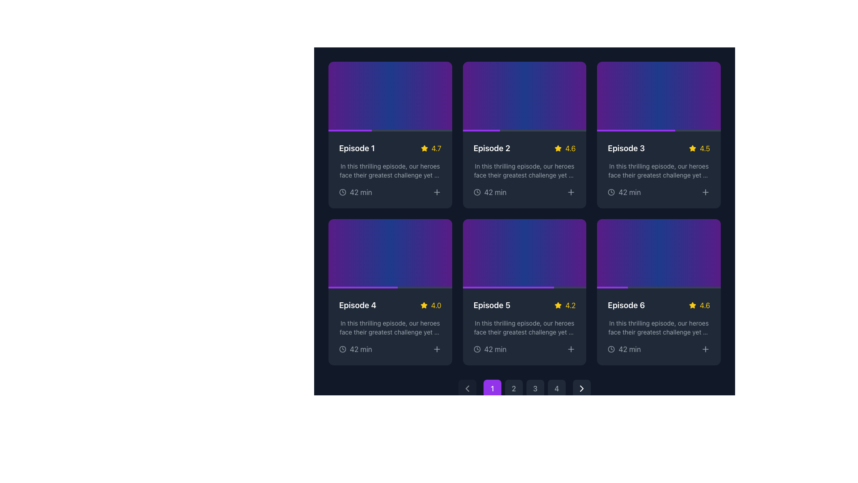  I want to click on the '+' button located at the bottom right corner of the 'Episode 6' card, so click(705, 349).